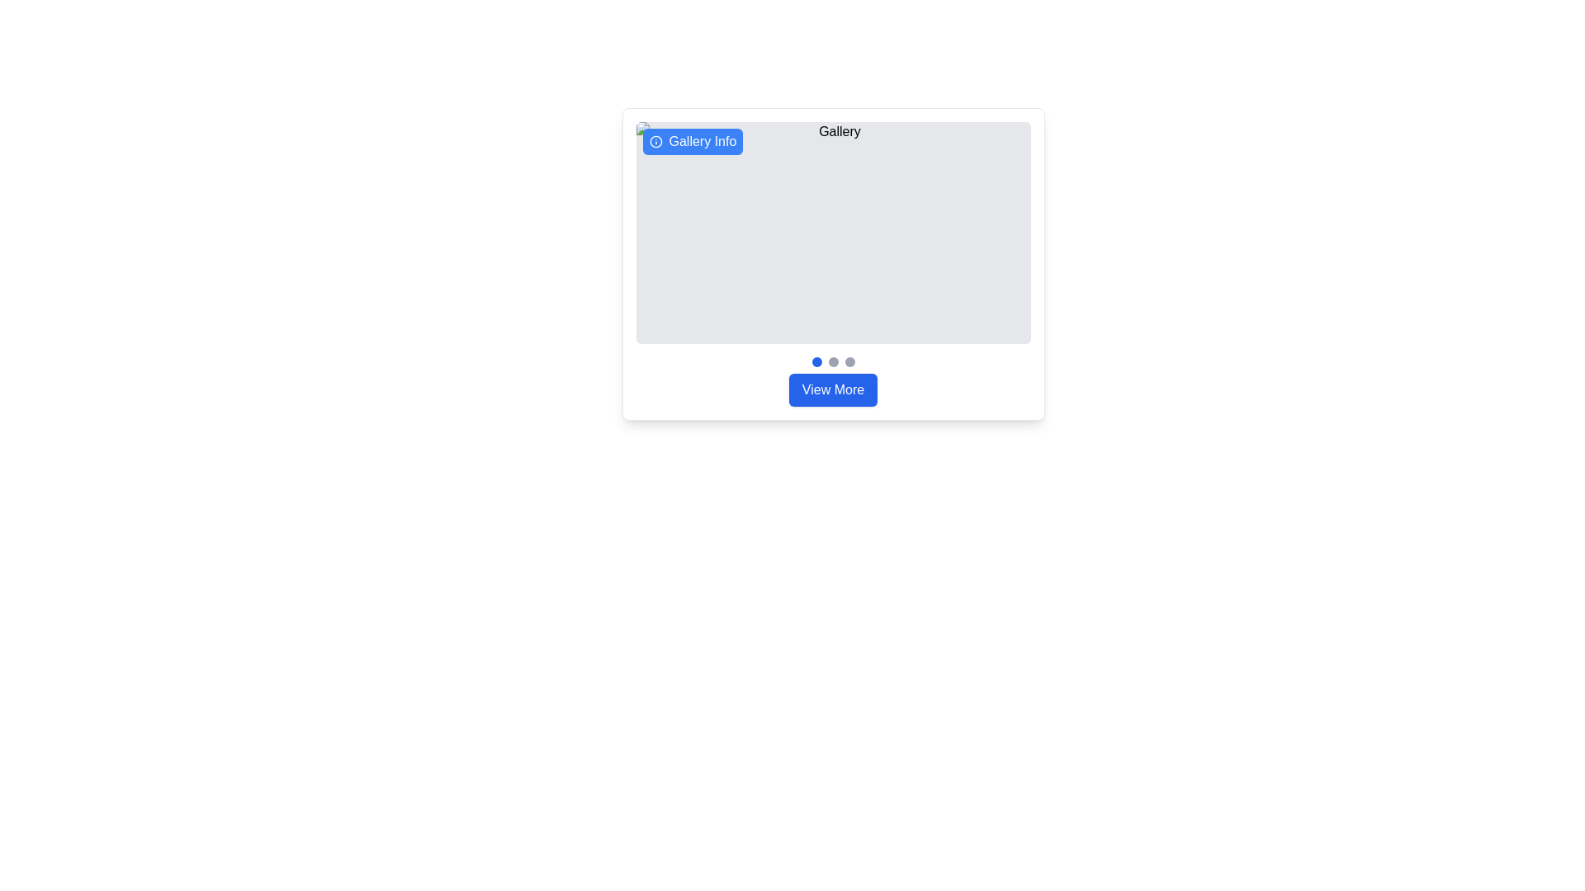  I want to click on the SVG icon element representing the 'Gallery Info' button, which is located in the top-left corner of the interface, so click(655, 141).